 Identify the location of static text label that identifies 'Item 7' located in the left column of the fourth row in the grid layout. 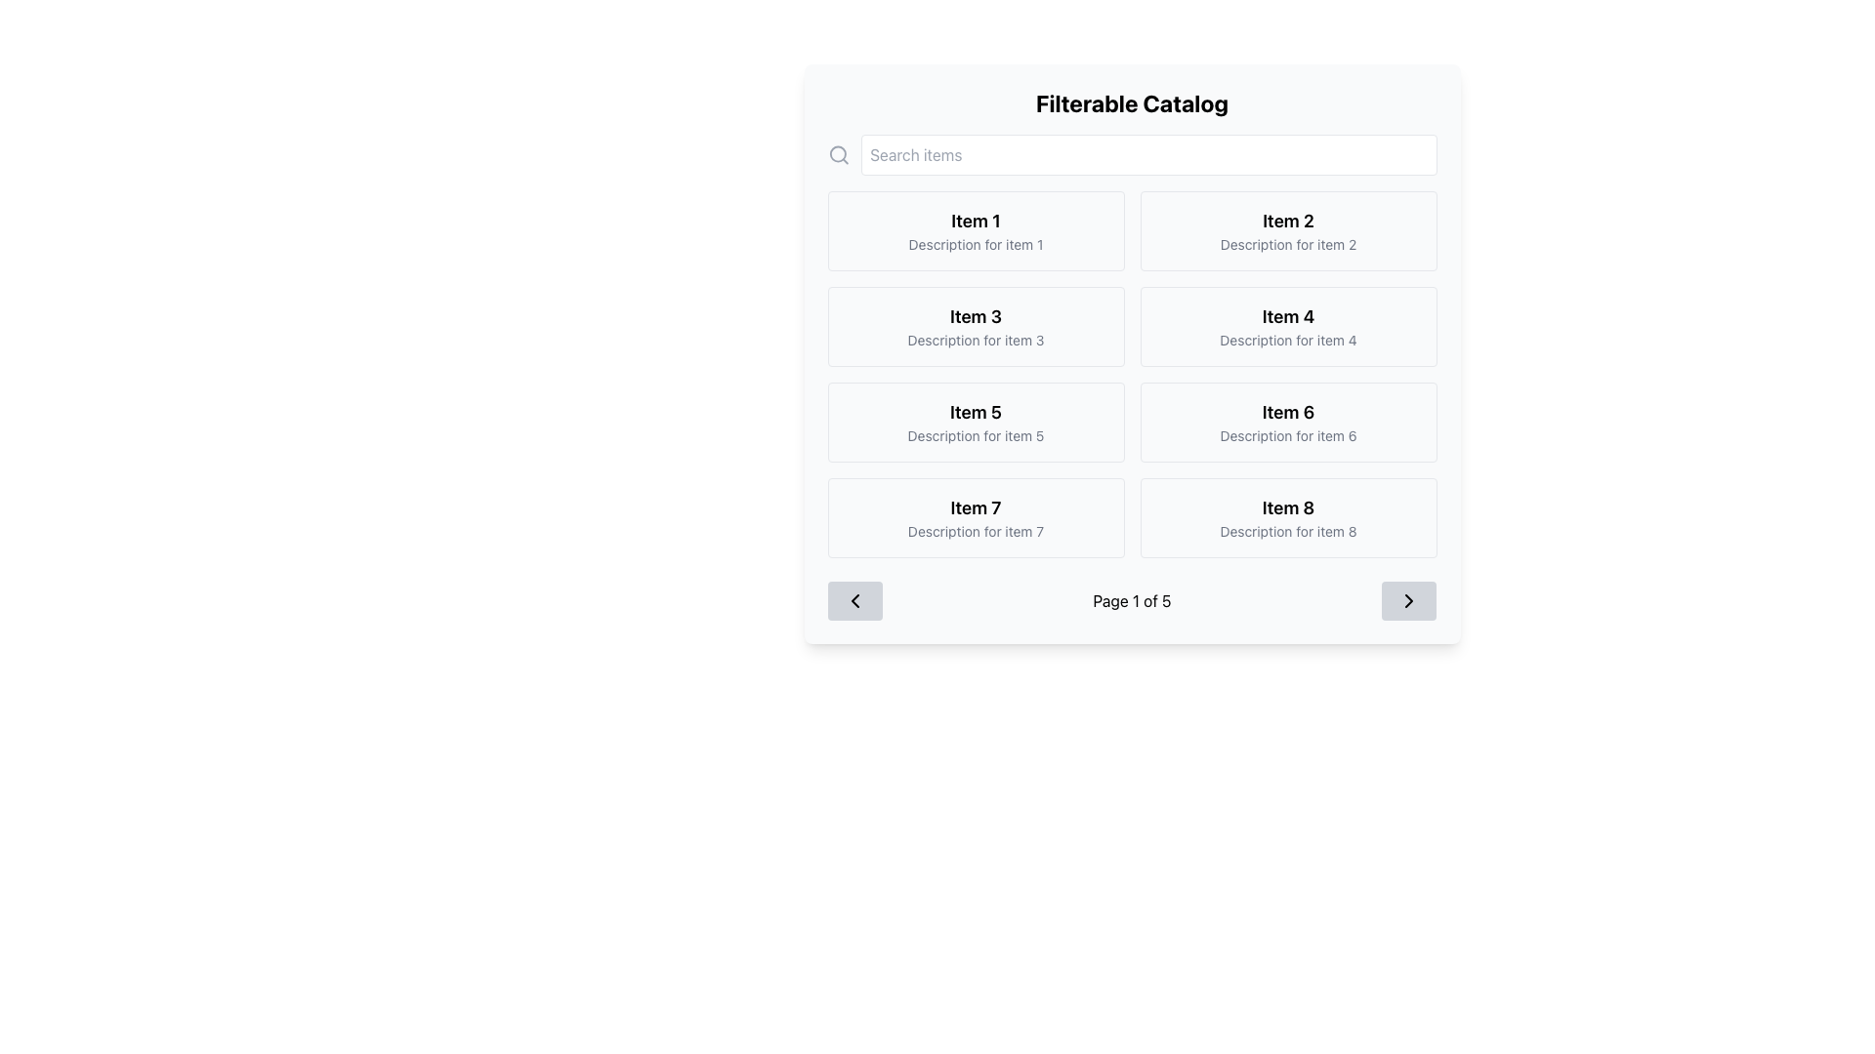
(976, 507).